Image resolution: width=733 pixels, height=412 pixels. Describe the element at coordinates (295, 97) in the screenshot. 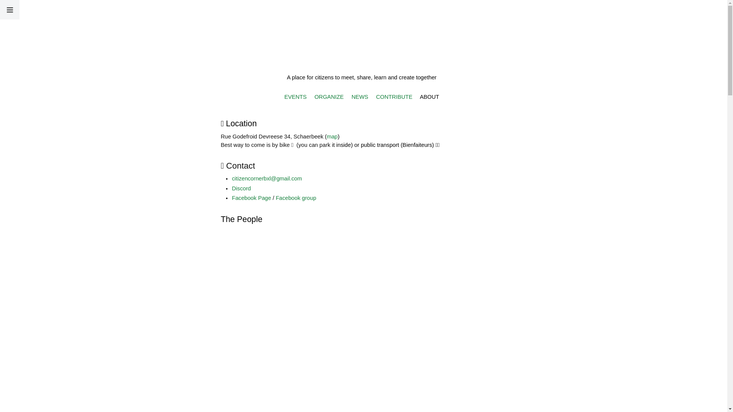

I see `'EVENTS'` at that location.